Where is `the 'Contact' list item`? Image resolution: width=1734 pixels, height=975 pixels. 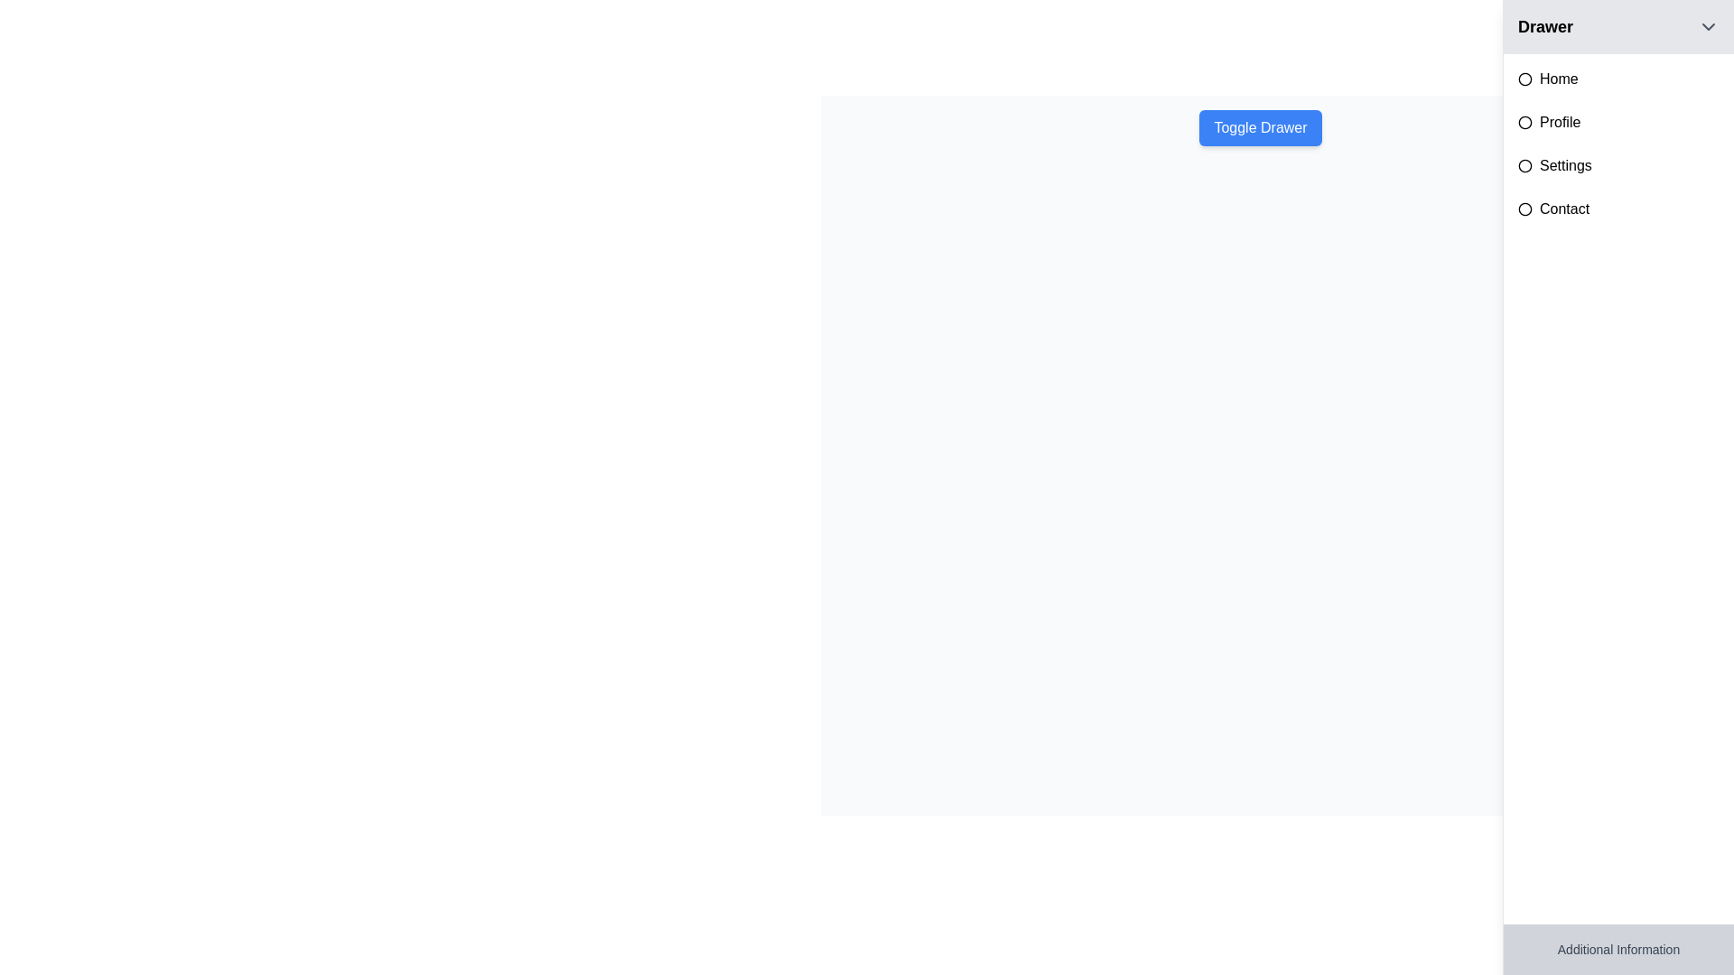
the 'Contact' list item is located at coordinates (1618, 208).